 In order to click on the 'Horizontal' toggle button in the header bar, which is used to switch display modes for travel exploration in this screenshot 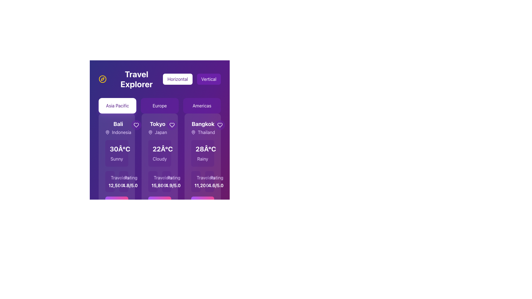, I will do `click(159, 79)`.